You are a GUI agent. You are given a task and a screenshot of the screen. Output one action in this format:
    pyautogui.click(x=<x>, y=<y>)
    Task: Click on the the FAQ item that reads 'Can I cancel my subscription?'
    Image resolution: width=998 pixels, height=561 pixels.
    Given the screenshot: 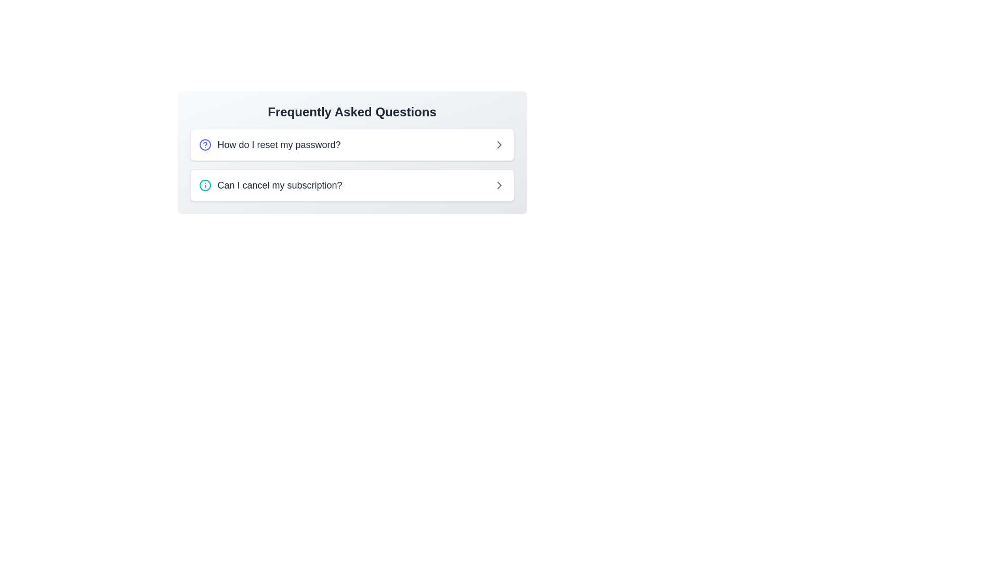 What is the action you would take?
    pyautogui.click(x=270, y=185)
    